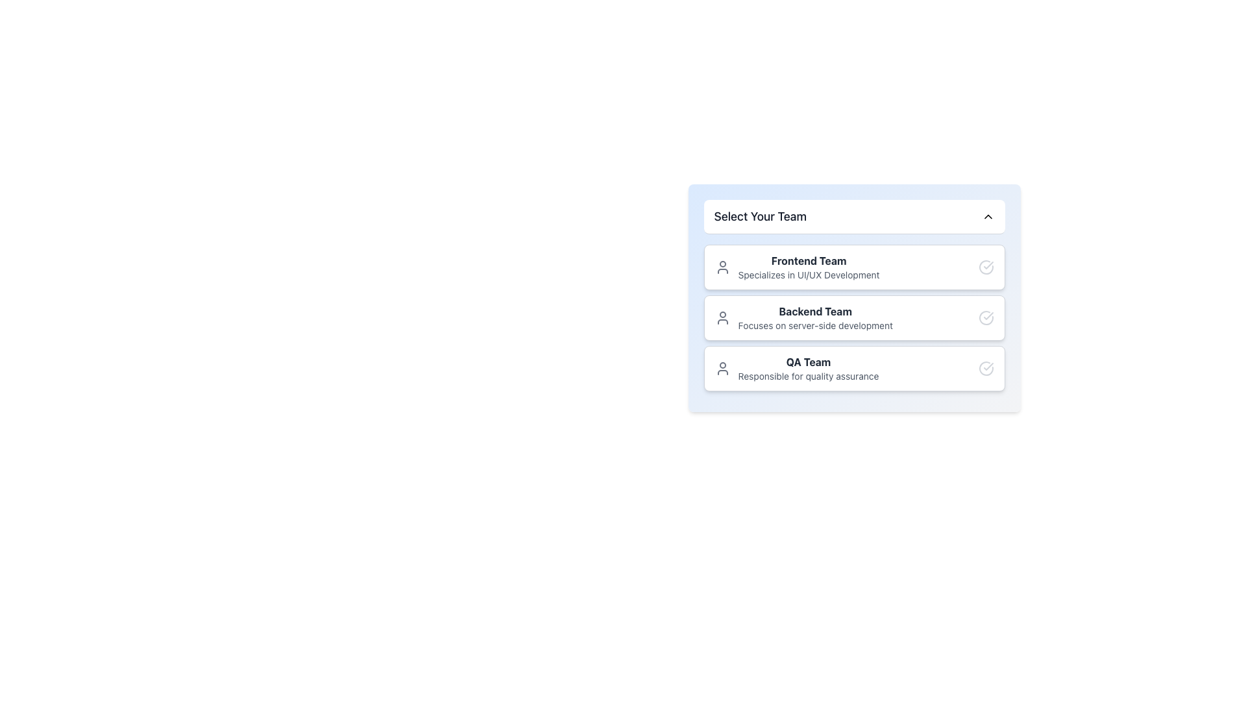 The width and height of the screenshot is (1246, 701). Describe the element at coordinates (854, 317) in the screenshot. I see `the second list item labeled 'Backend Team'` at that location.